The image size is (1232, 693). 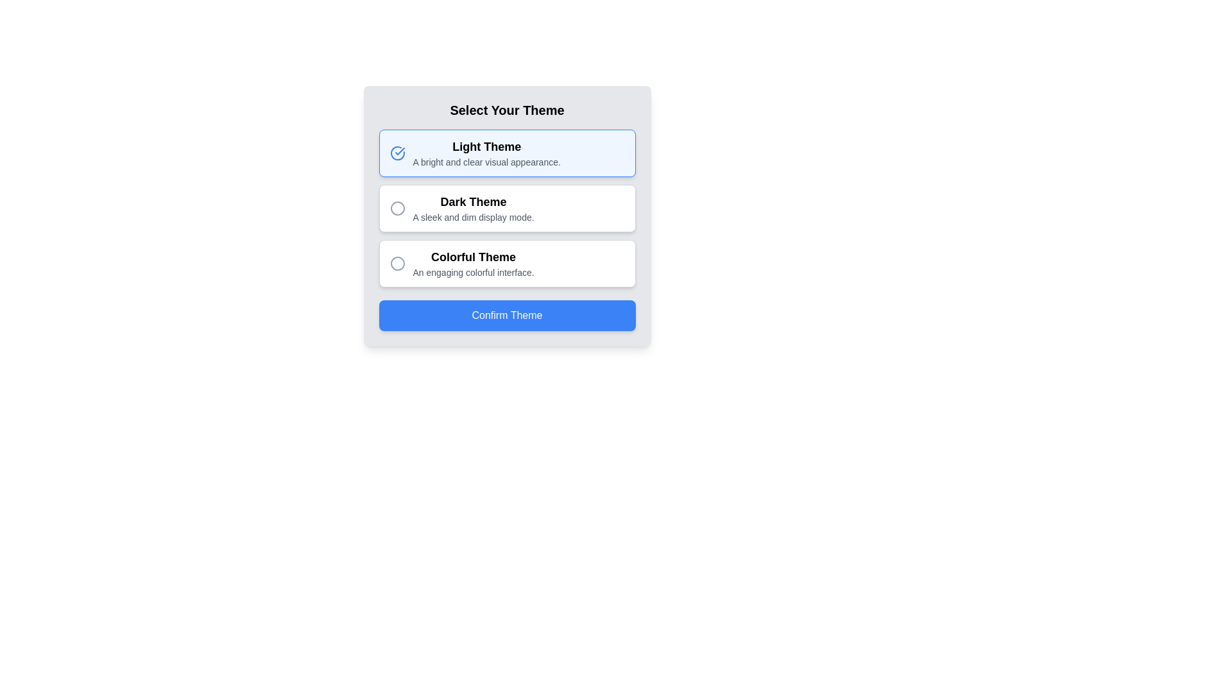 I want to click on the 'Colorful Theme' option in the theme selection list, so click(x=473, y=263).